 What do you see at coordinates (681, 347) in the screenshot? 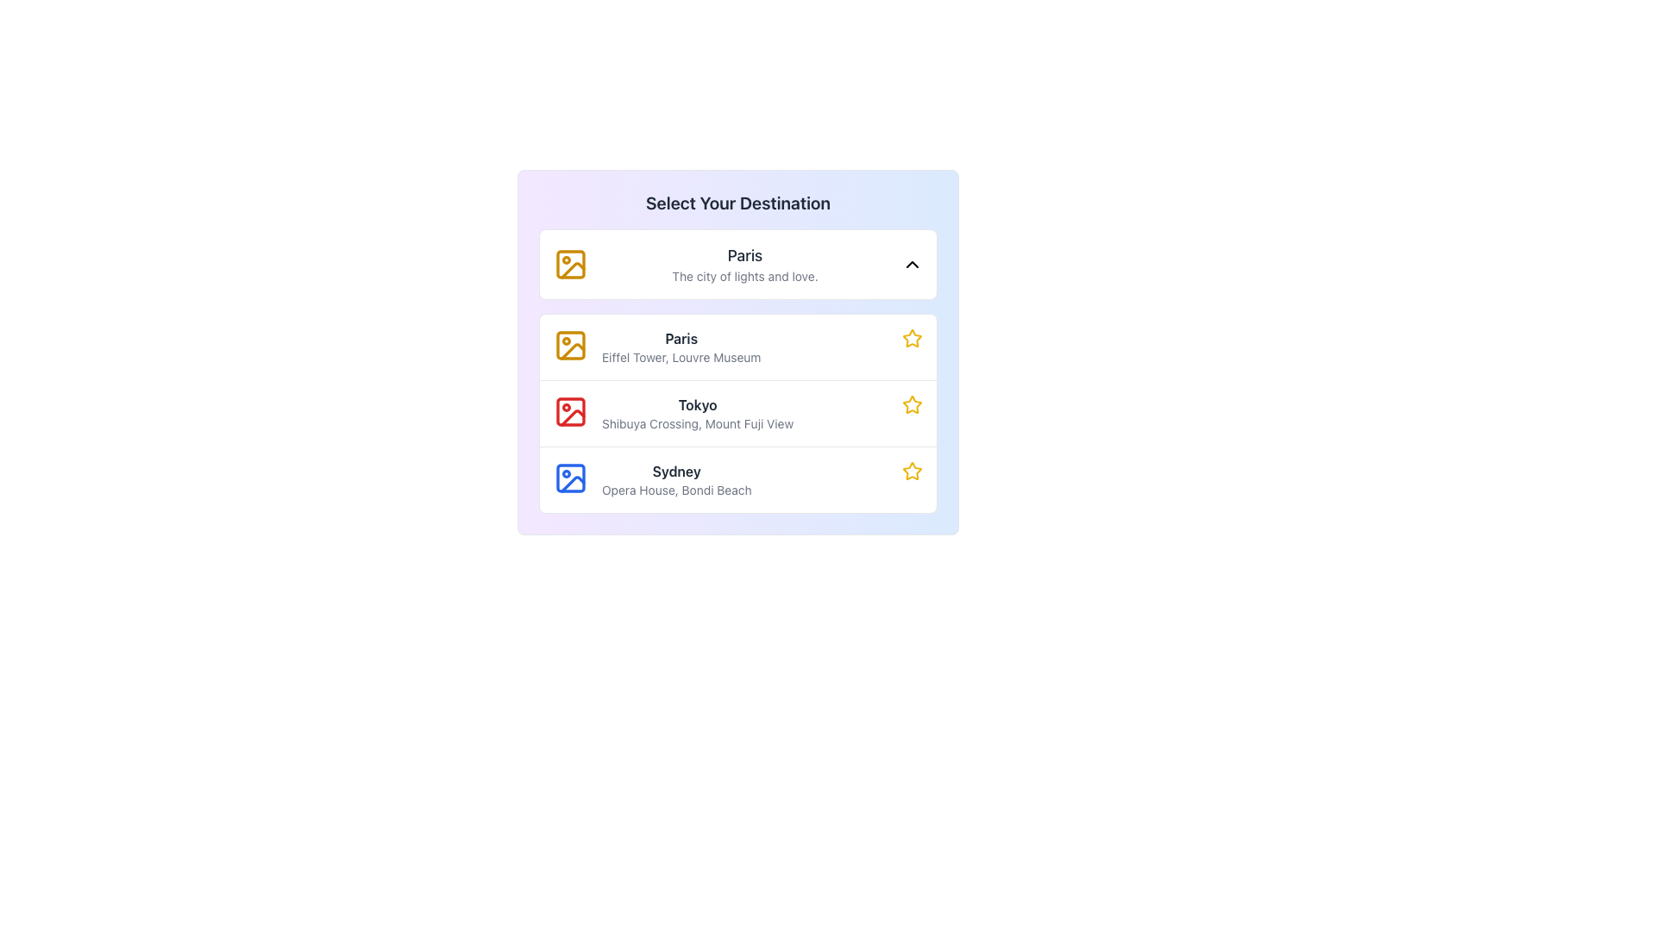
I see `the descriptive text label for the destination option, which is located in the second card of a vertical list within the selection menu, positioned between a golden map icon and a golden star icon` at bounding box center [681, 347].